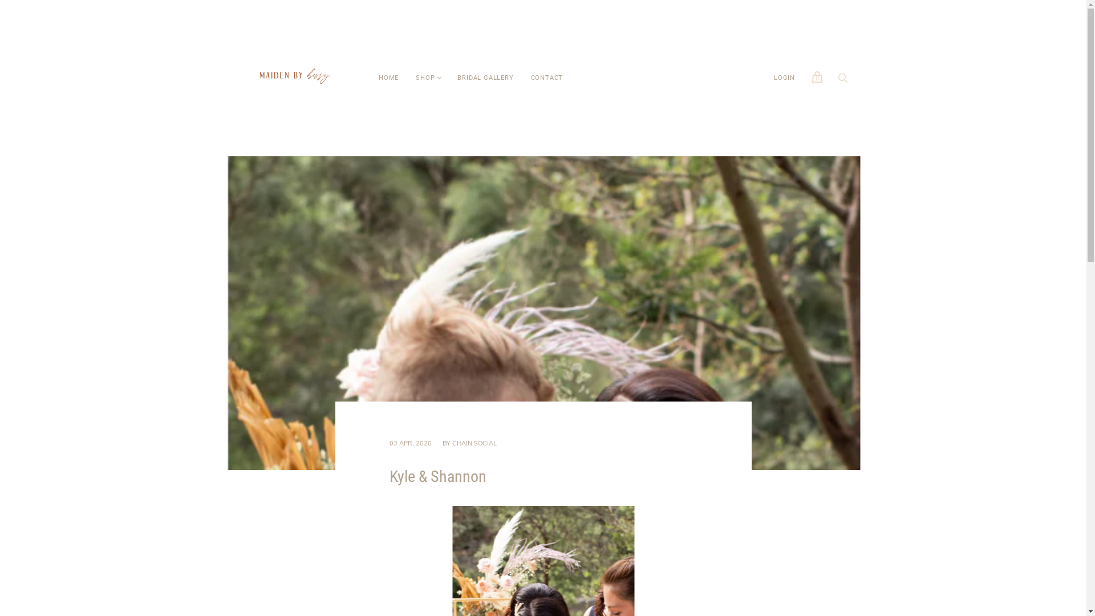  Describe the element at coordinates (485, 78) in the screenshot. I see `'BRIDAL GALLERY'` at that location.